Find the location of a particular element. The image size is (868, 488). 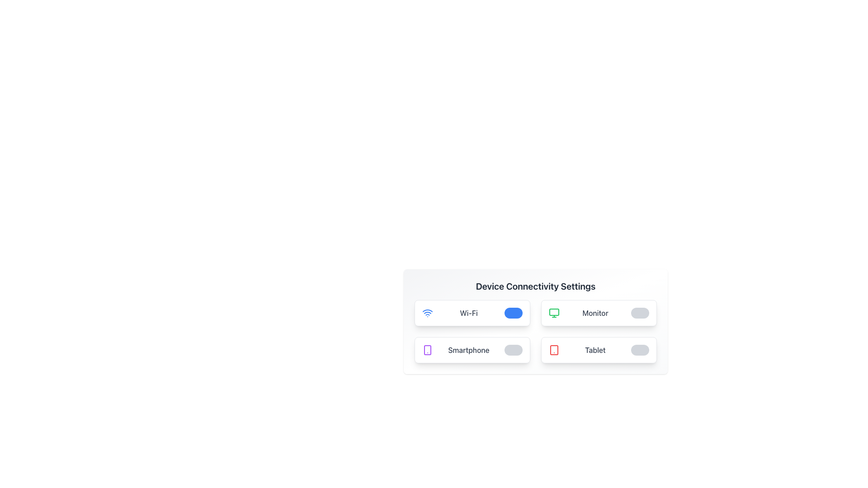

the Wi-Fi connectivity descriptor label located in the first section of the connectivity settings interface, adjacent to the Wi-Fi icon and the toggle switch is located at coordinates (468, 313).